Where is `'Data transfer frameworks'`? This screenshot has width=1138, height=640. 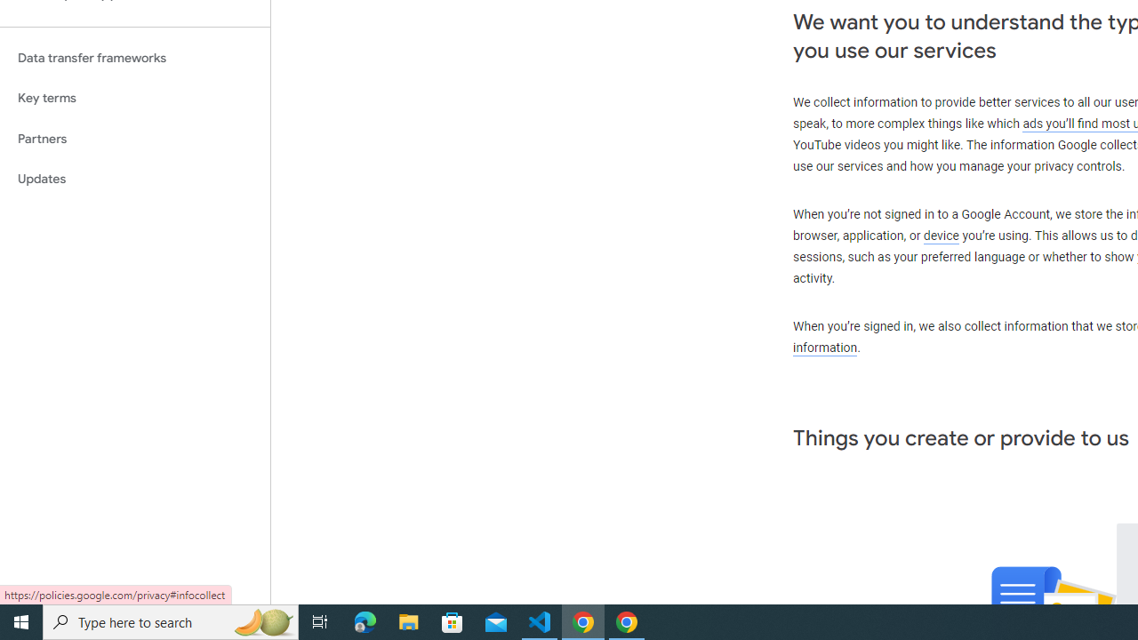 'Data transfer frameworks' is located at coordinates (134, 57).